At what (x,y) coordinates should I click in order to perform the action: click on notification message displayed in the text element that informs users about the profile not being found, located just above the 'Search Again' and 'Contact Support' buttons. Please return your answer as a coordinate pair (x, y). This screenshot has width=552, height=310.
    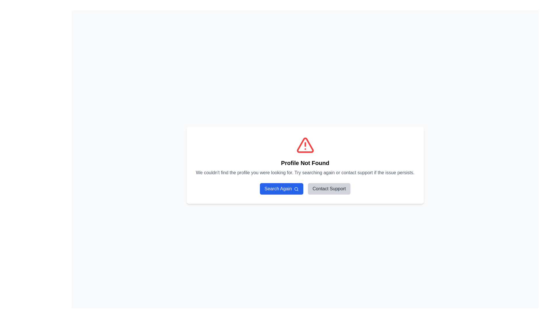
    Looking at the image, I should click on (305, 172).